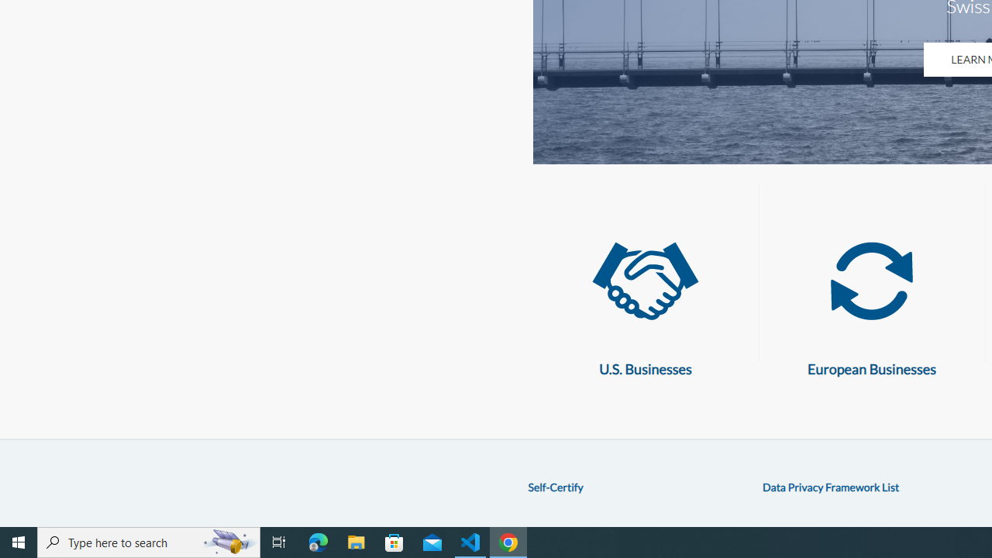 The height and width of the screenshot is (558, 992). Describe the element at coordinates (872, 281) in the screenshot. I see `'European Businesses'` at that location.